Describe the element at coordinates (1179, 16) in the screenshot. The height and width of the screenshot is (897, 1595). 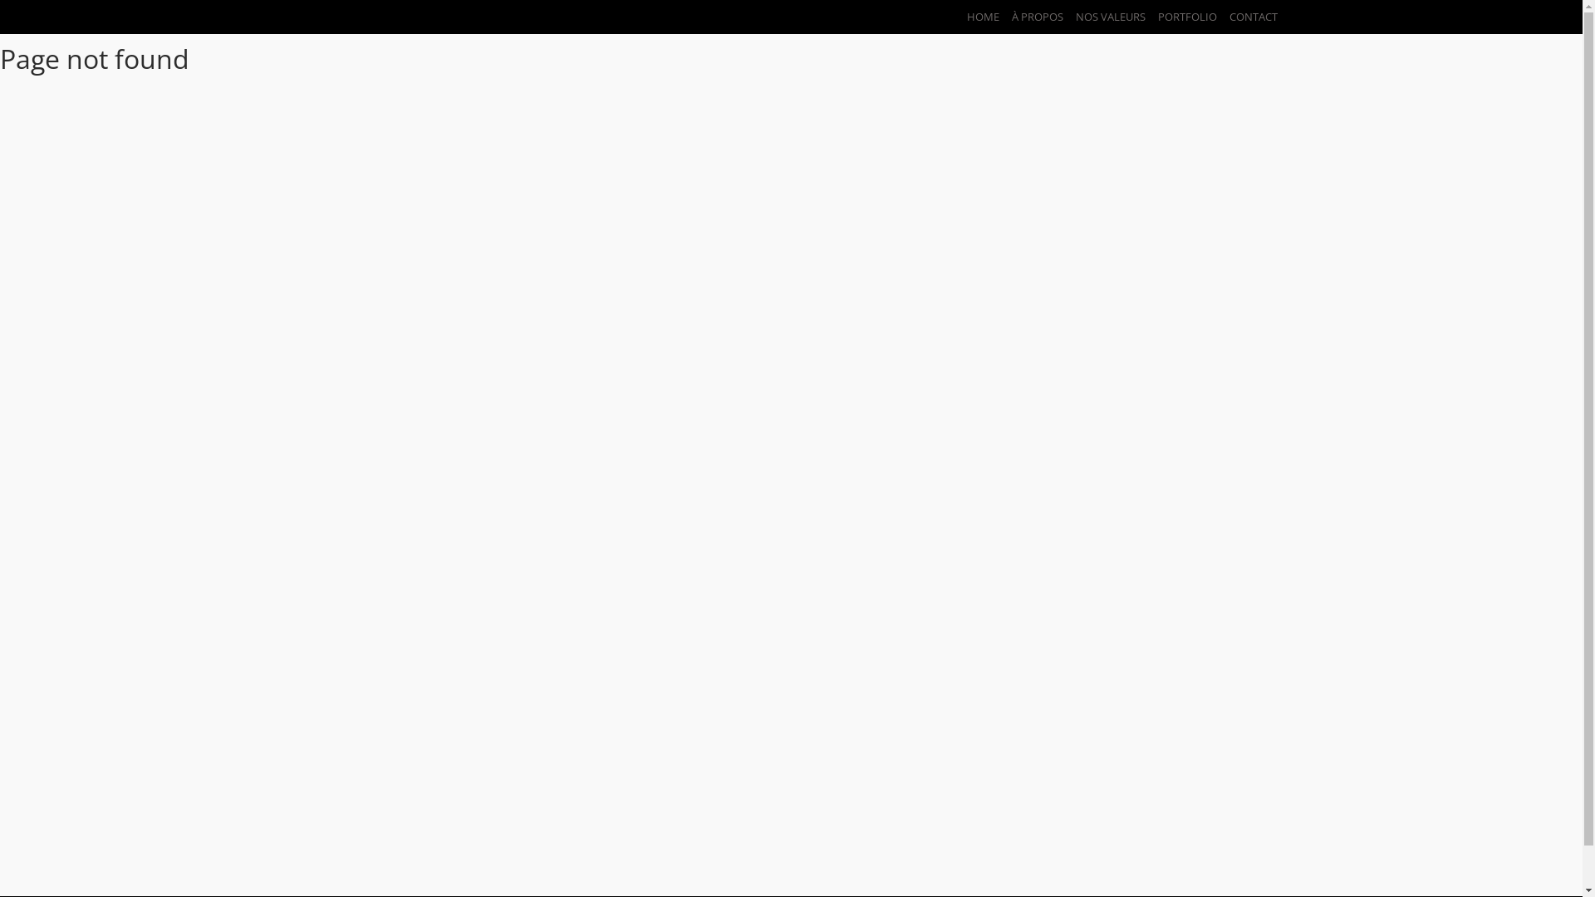
I see `'PORTFOLIO'` at that location.